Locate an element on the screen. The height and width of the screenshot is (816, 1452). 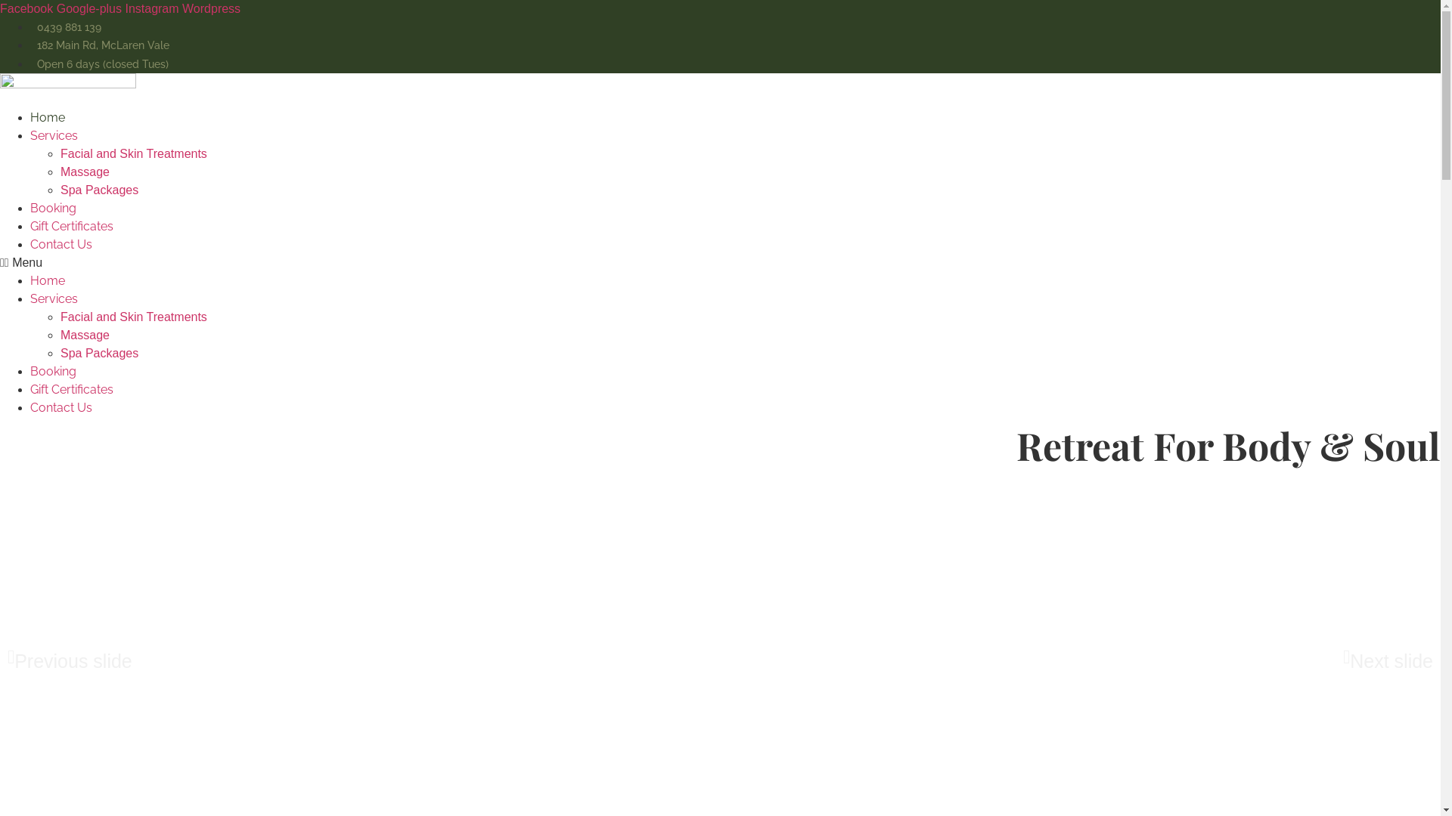
'Booking' is located at coordinates (53, 371).